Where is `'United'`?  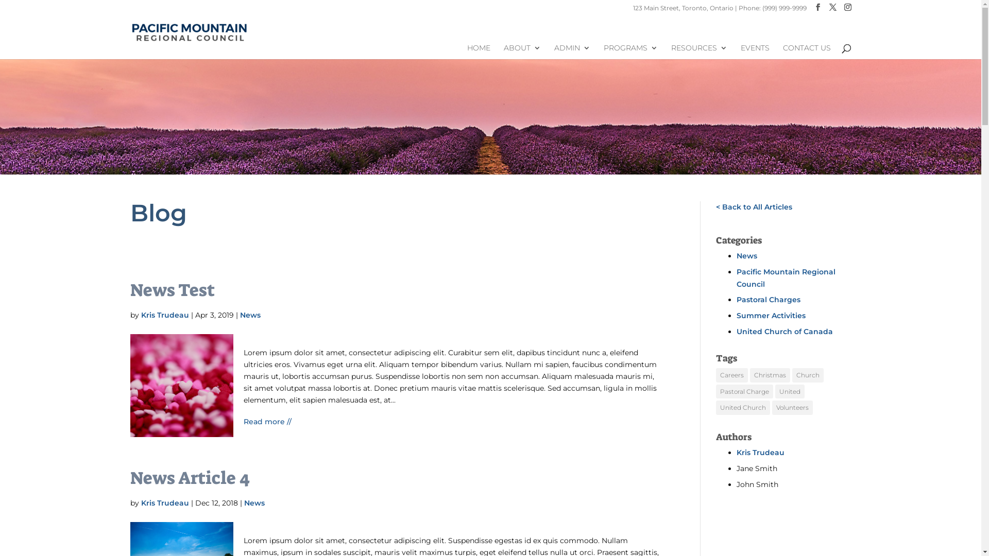 'United' is located at coordinates (789, 391).